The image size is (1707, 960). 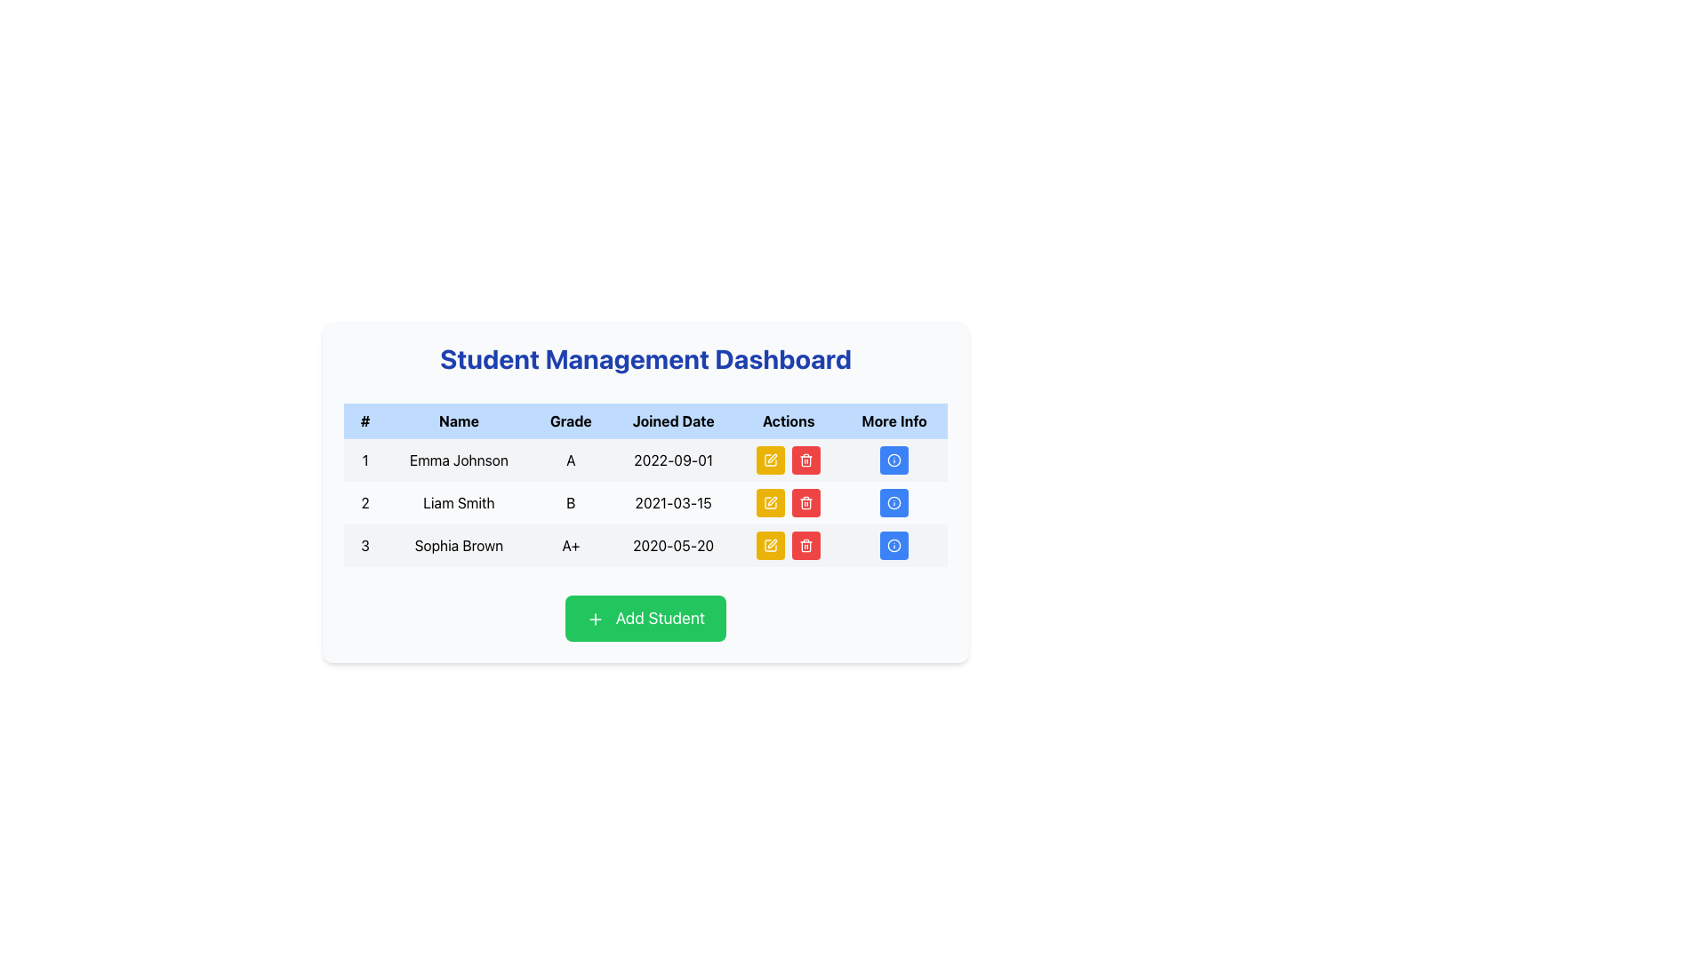 What do you see at coordinates (894, 459) in the screenshot?
I see `the rightmost button in the 'More Info' column of the first row in the 'Student Management Dashboard' table` at bounding box center [894, 459].